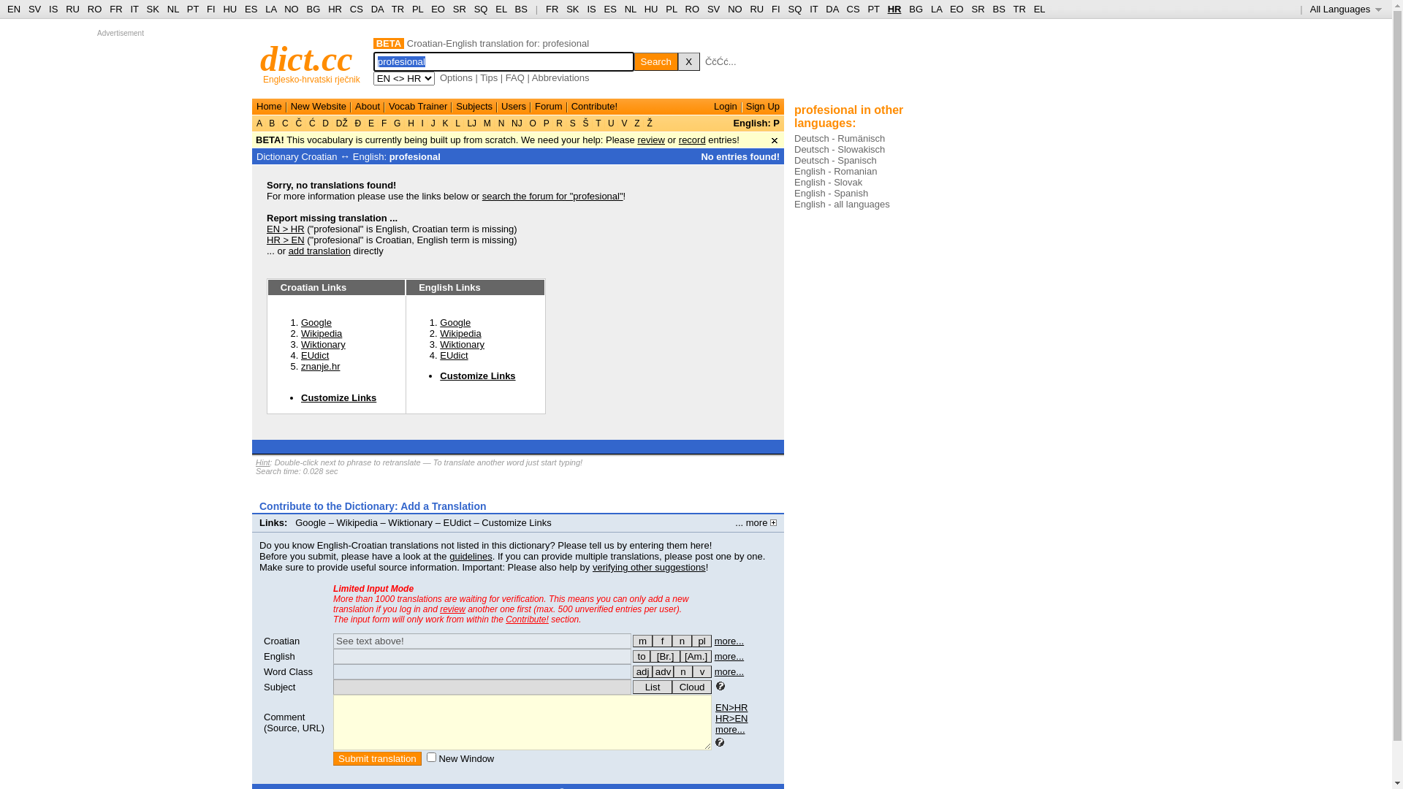  Describe the element at coordinates (894, 9) in the screenshot. I see `'HR'` at that location.